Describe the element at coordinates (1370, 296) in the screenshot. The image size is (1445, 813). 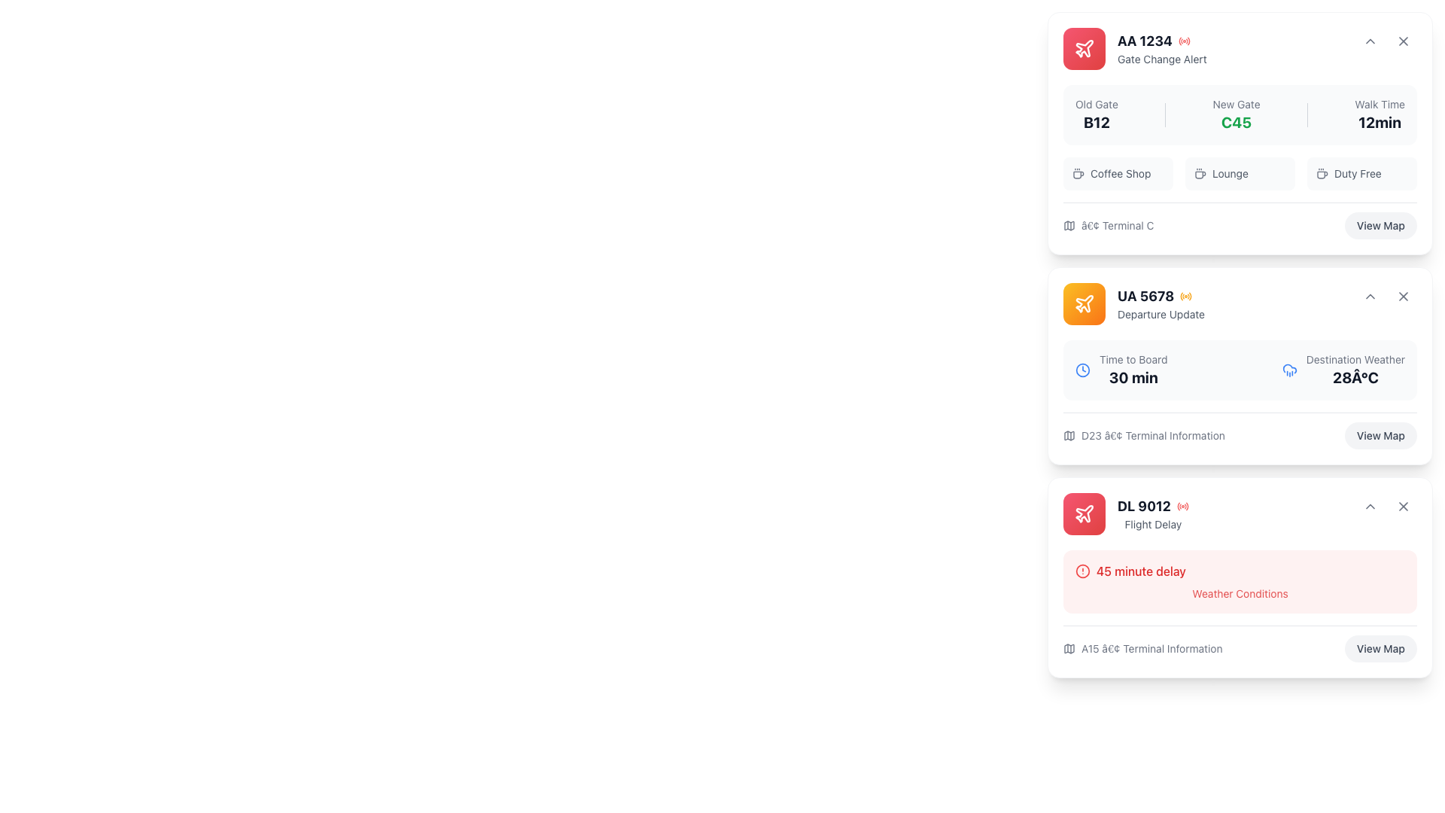
I see `the toggle icon located in the top-right corner of the 'UA 5678 Departure Update' card` at that location.